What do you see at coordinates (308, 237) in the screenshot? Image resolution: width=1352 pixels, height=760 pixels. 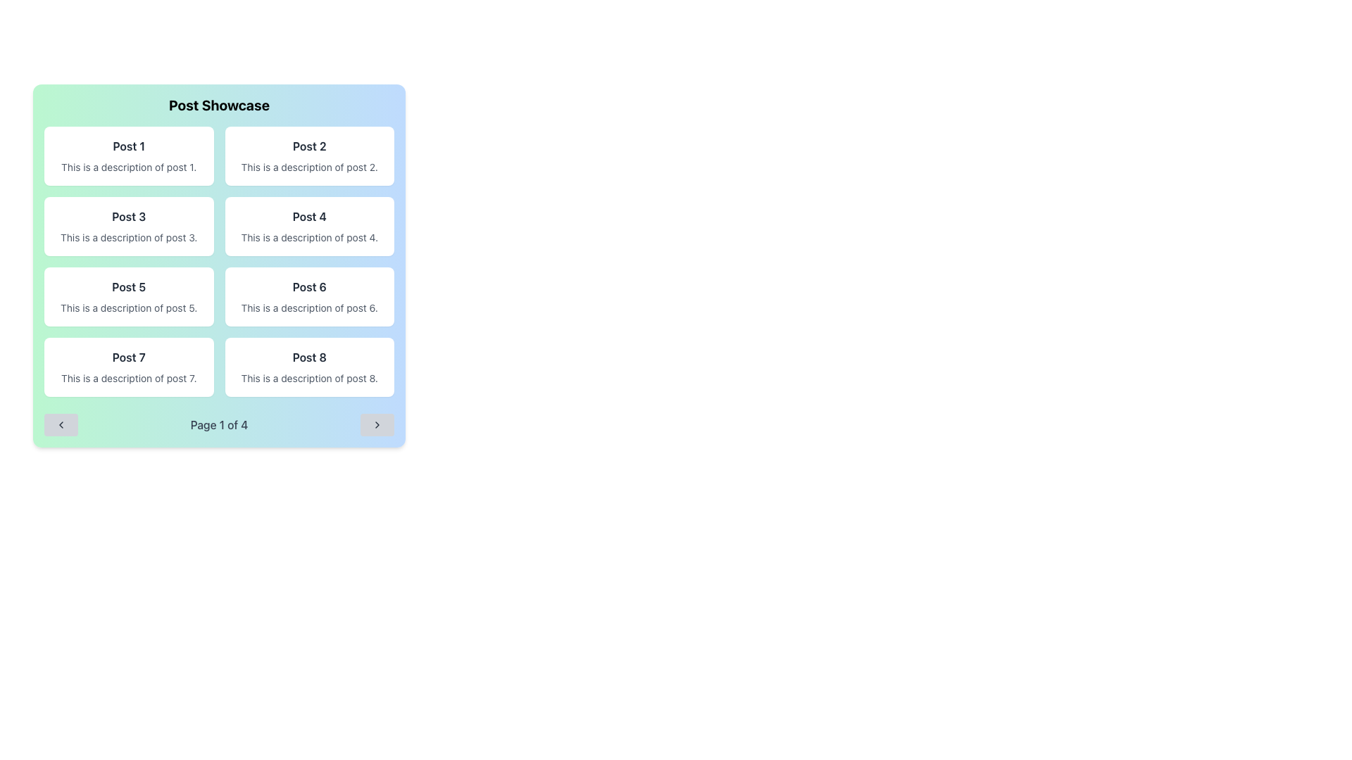 I see `the text element displaying 'This is a description of post 4.' located beneath the title 'Post 4' within the white, rounded rectangle card in the top right corner of the grid layout` at bounding box center [308, 237].